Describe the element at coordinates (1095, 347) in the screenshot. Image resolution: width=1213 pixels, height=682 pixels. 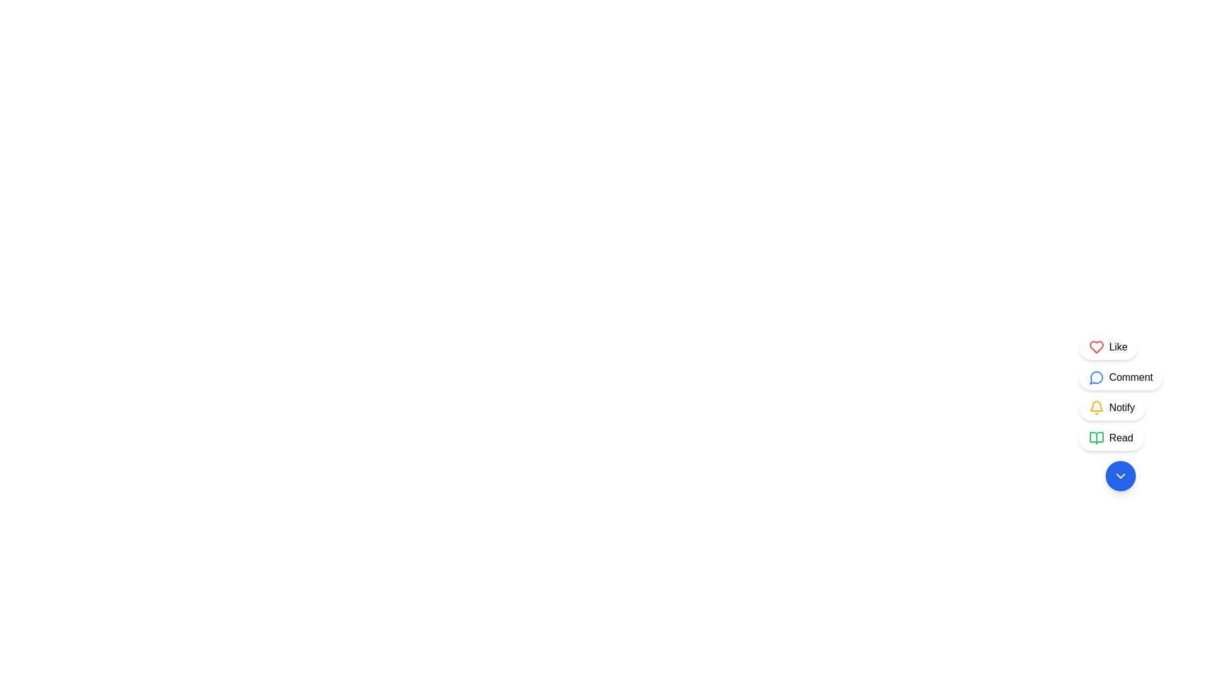
I see `the red heart-shaped icon with a hollow interior, located to the left of the 'Like' text` at that location.